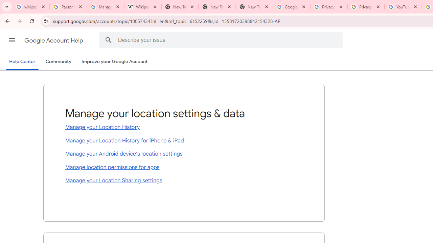 The width and height of the screenshot is (433, 243). What do you see at coordinates (105, 7) in the screenshot?
I see `'Manage your Location History - Google Search Help'` at bounding box center [105, 7].